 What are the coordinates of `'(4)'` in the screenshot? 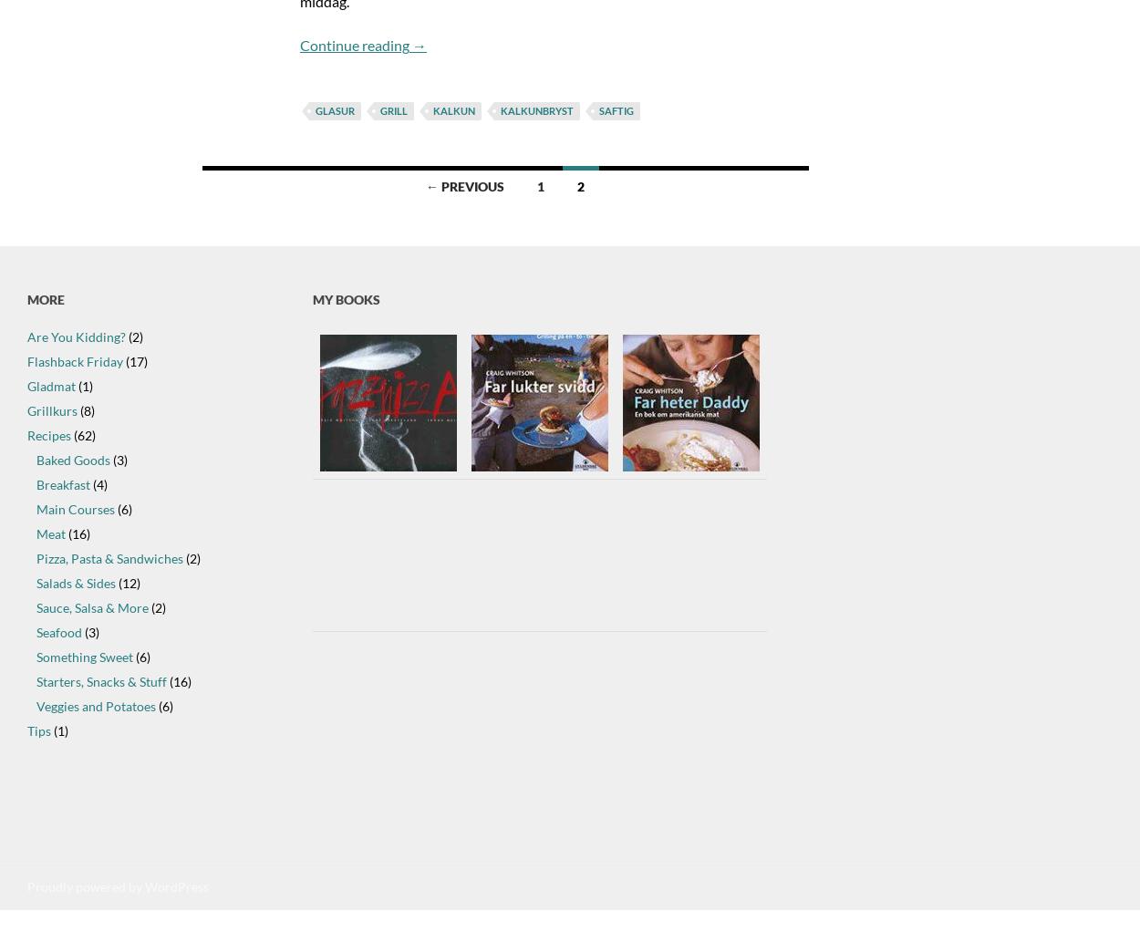 It's located at (98, 483).